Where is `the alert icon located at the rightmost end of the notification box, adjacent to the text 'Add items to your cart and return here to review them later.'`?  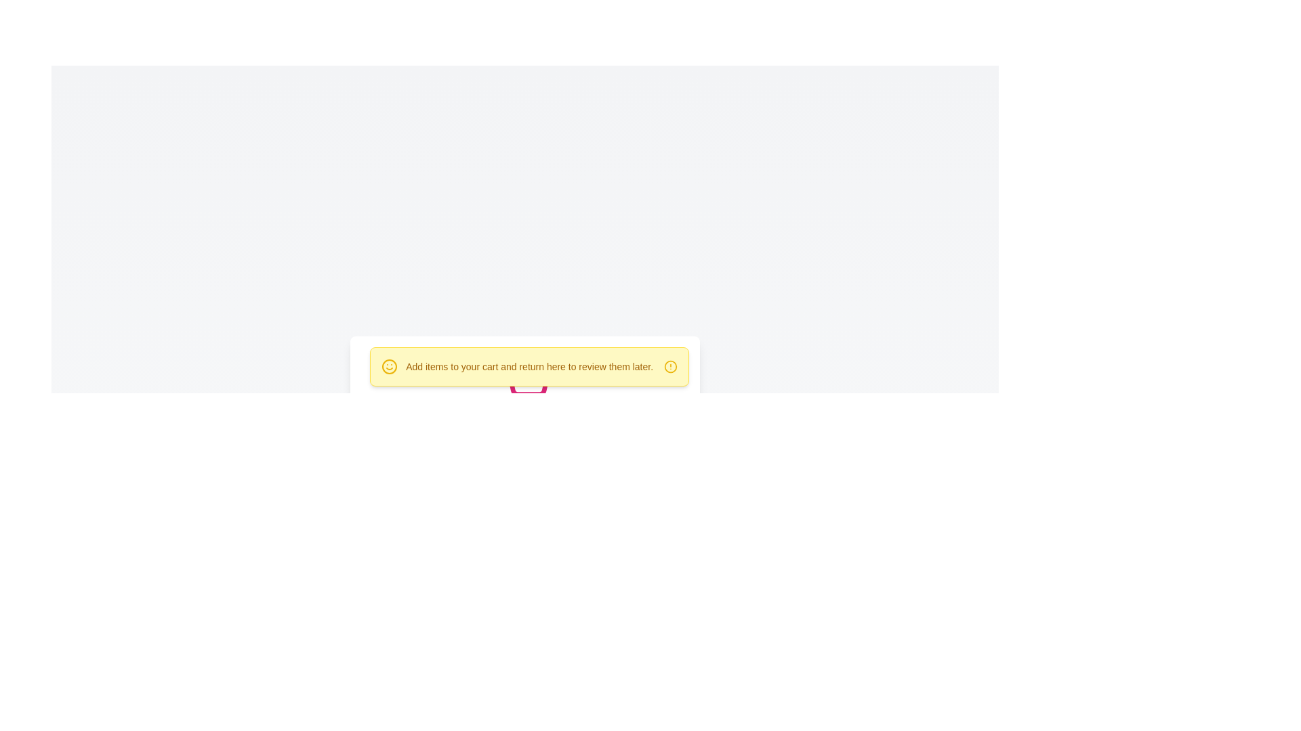 the alert icon located at the rightmost end of the notification box, adjacent to the text 'Add items to your cart and return here to review them later.' is located at coordinates (671, 367).